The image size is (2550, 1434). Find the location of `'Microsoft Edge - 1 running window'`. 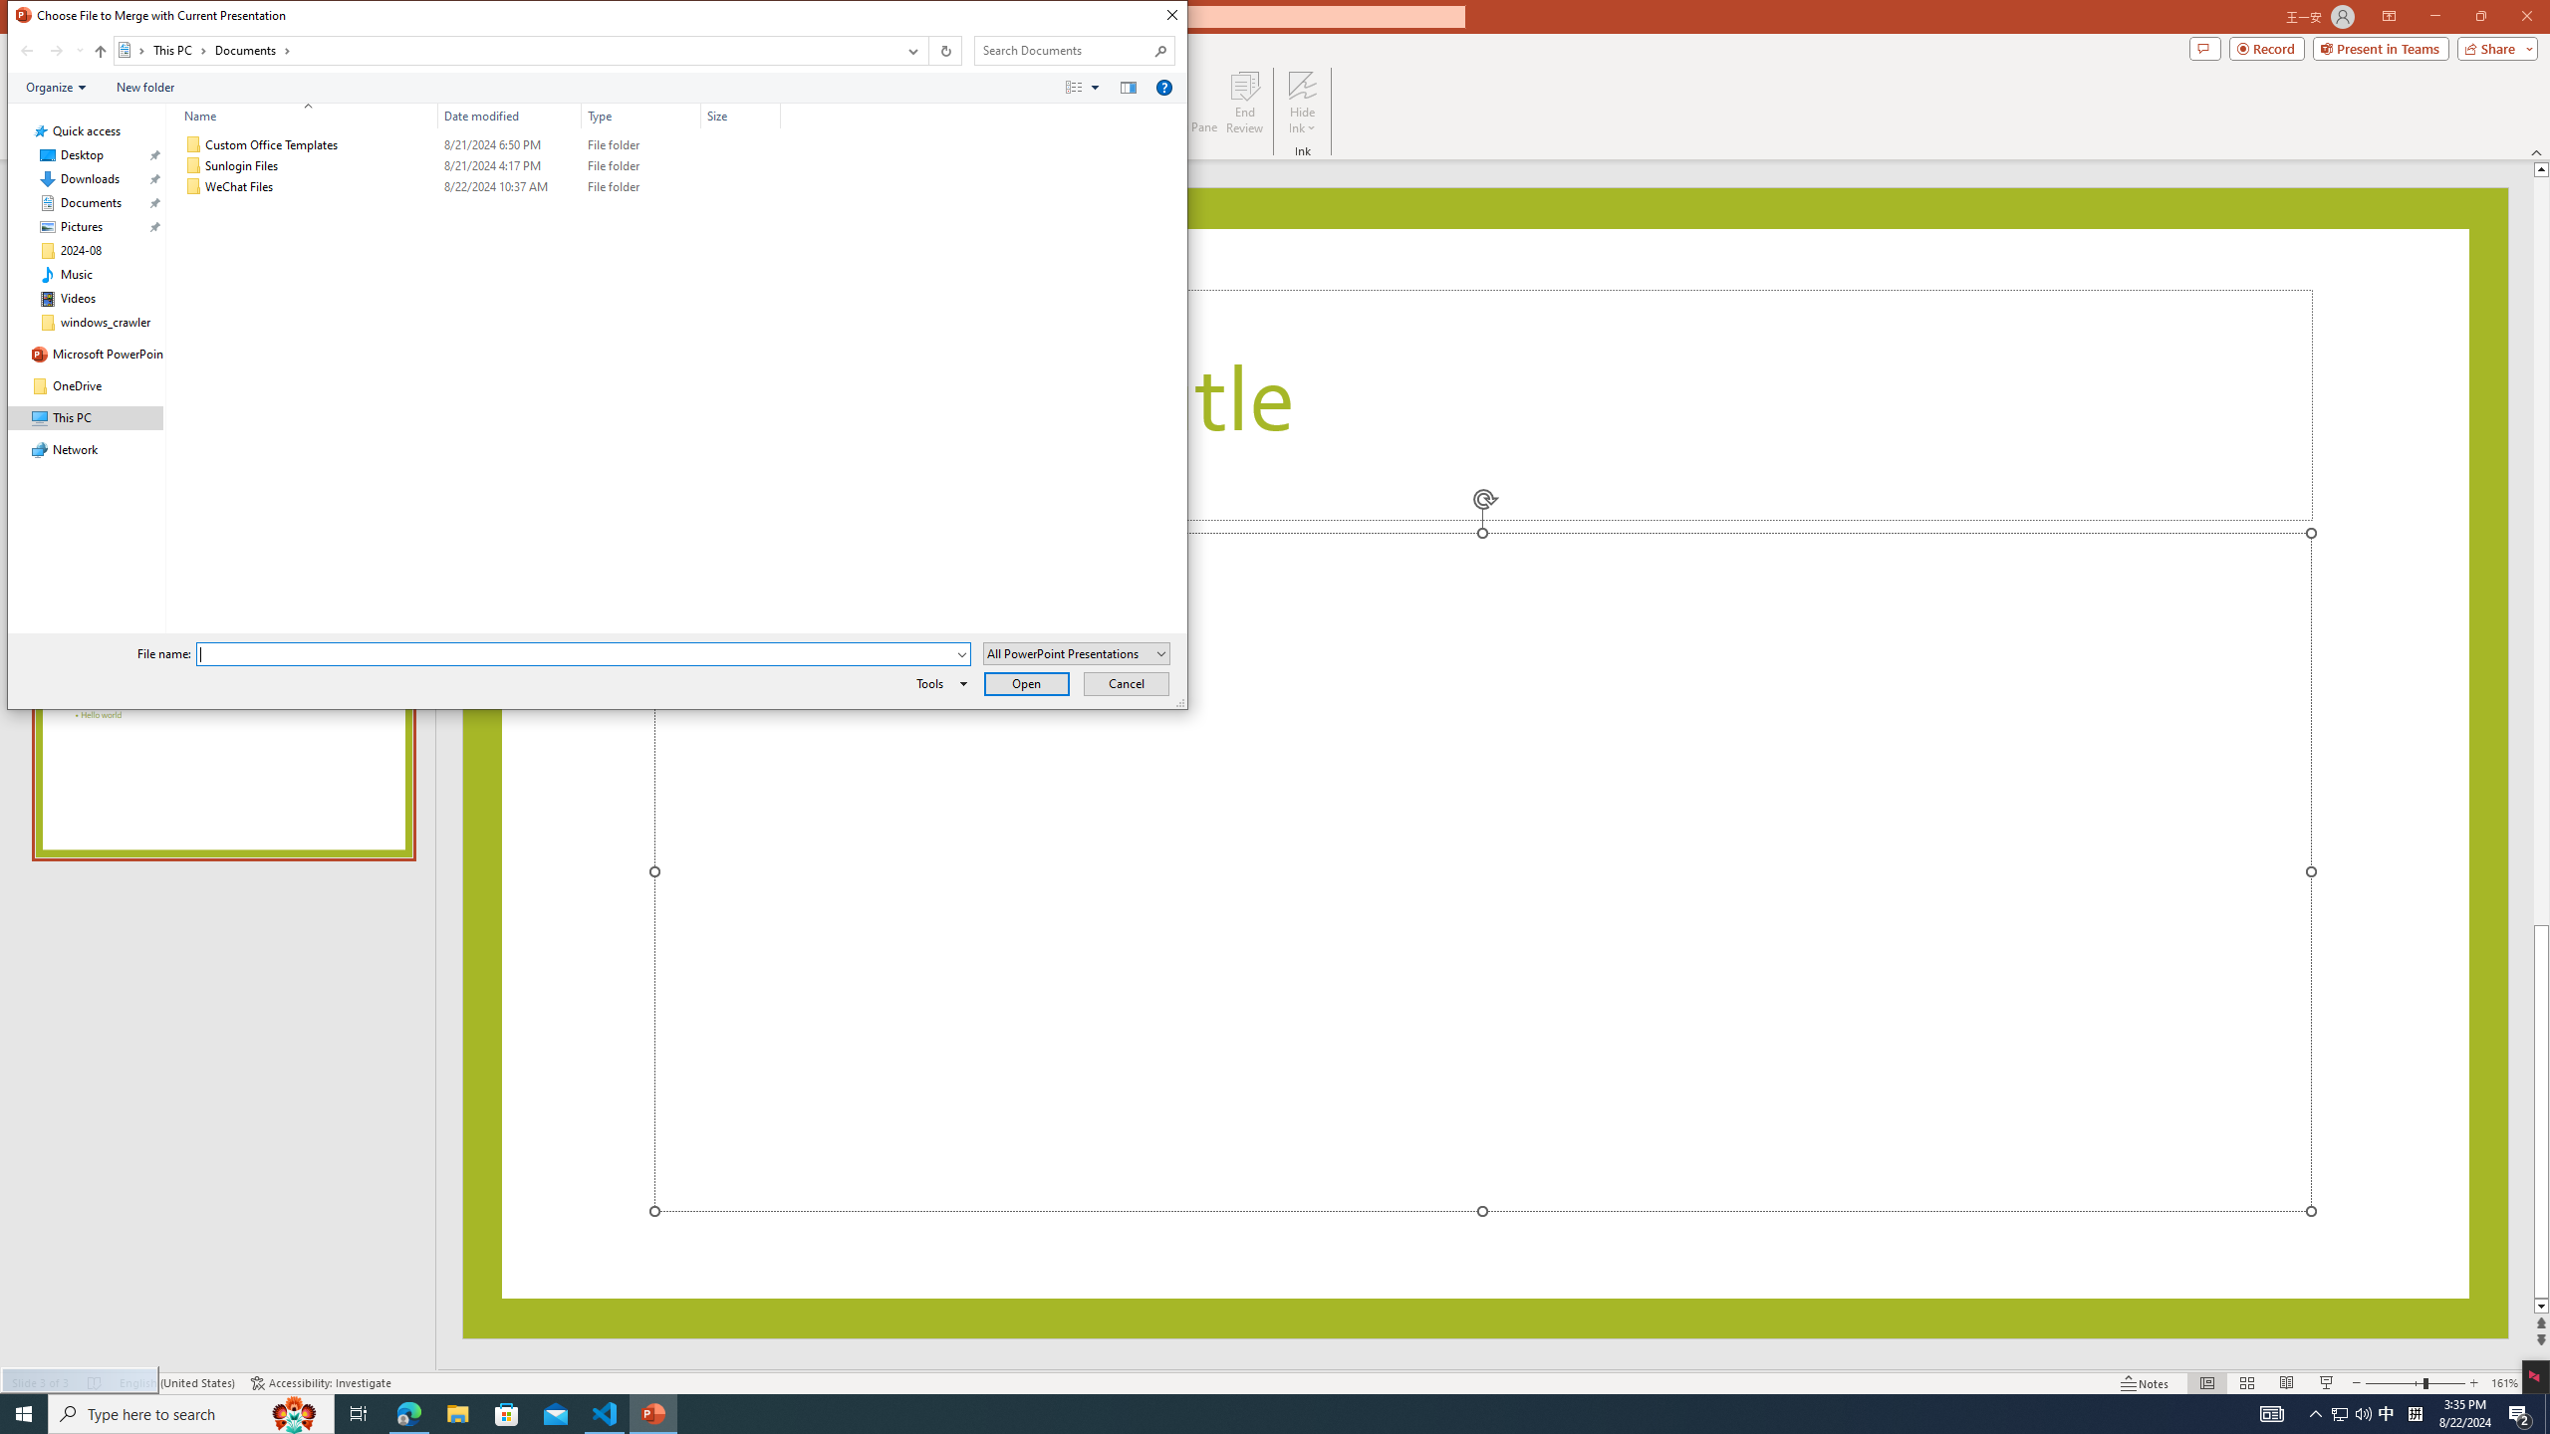

'Microsoft Edge - 1 running window' is located at coordinates (407, 1412).